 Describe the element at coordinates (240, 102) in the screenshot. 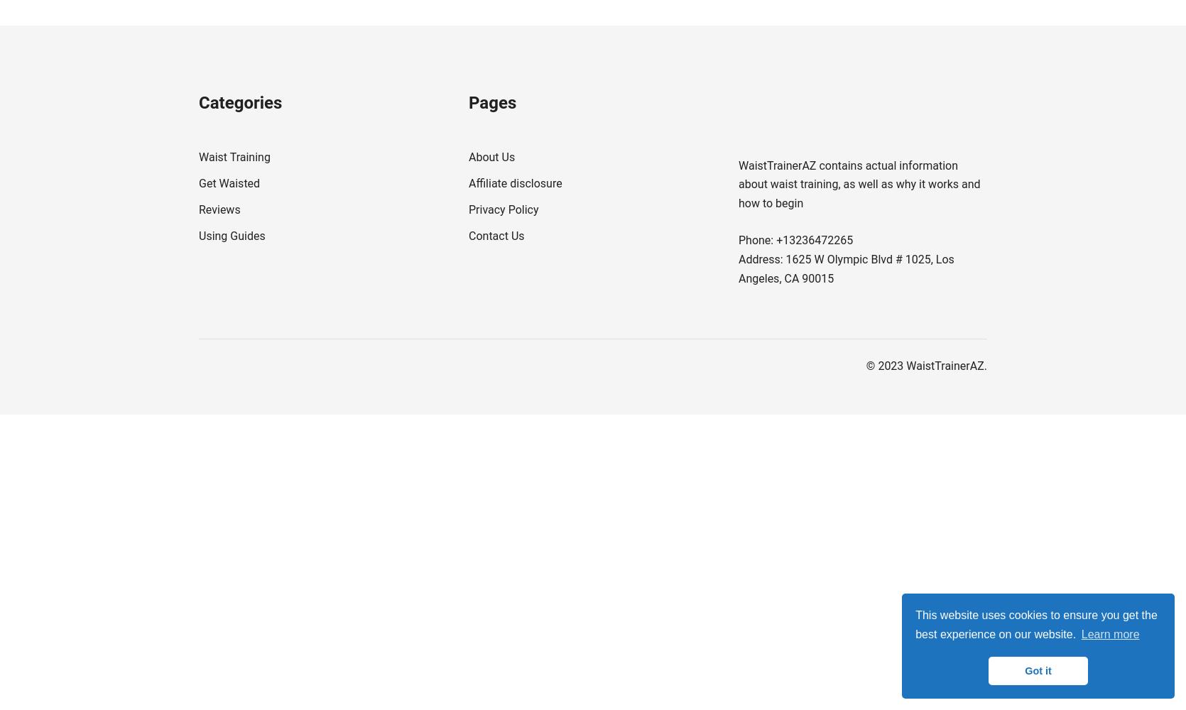

I see `'Categories'` at that location.